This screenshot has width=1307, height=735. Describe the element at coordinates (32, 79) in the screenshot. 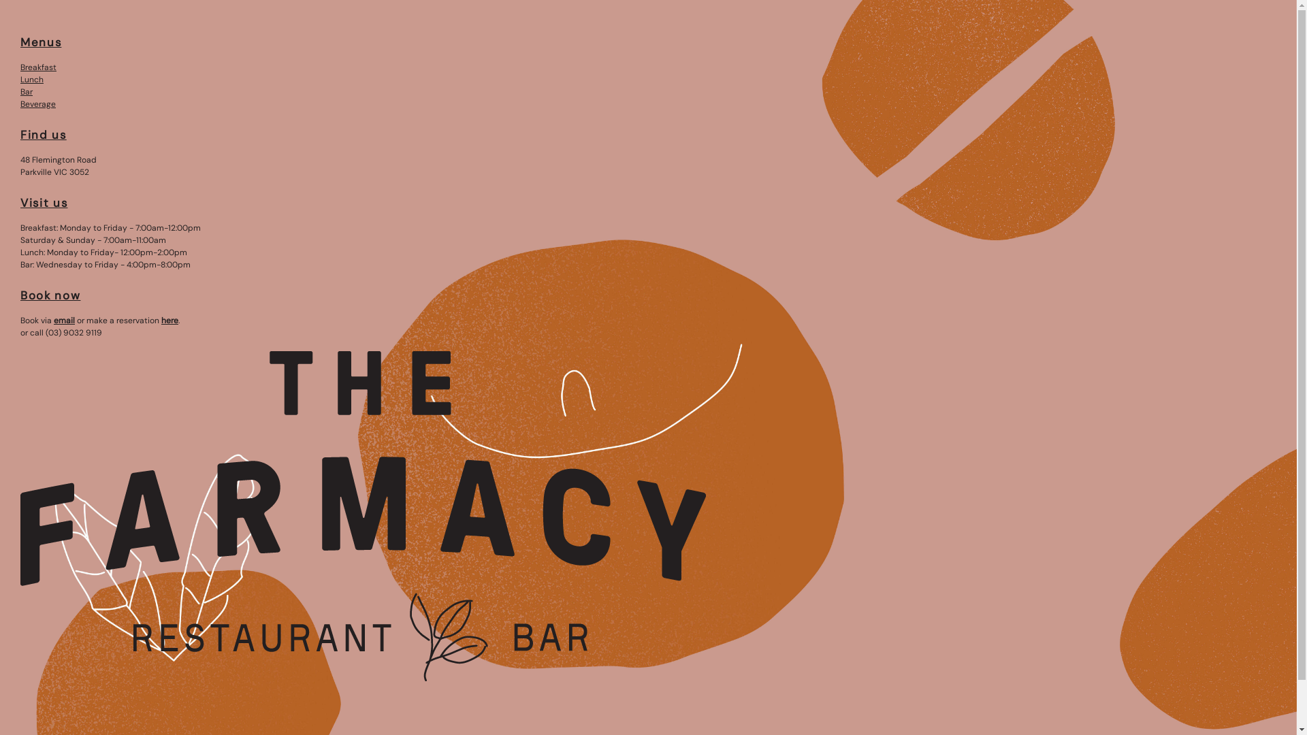

I see `'Lunch'` at that location.